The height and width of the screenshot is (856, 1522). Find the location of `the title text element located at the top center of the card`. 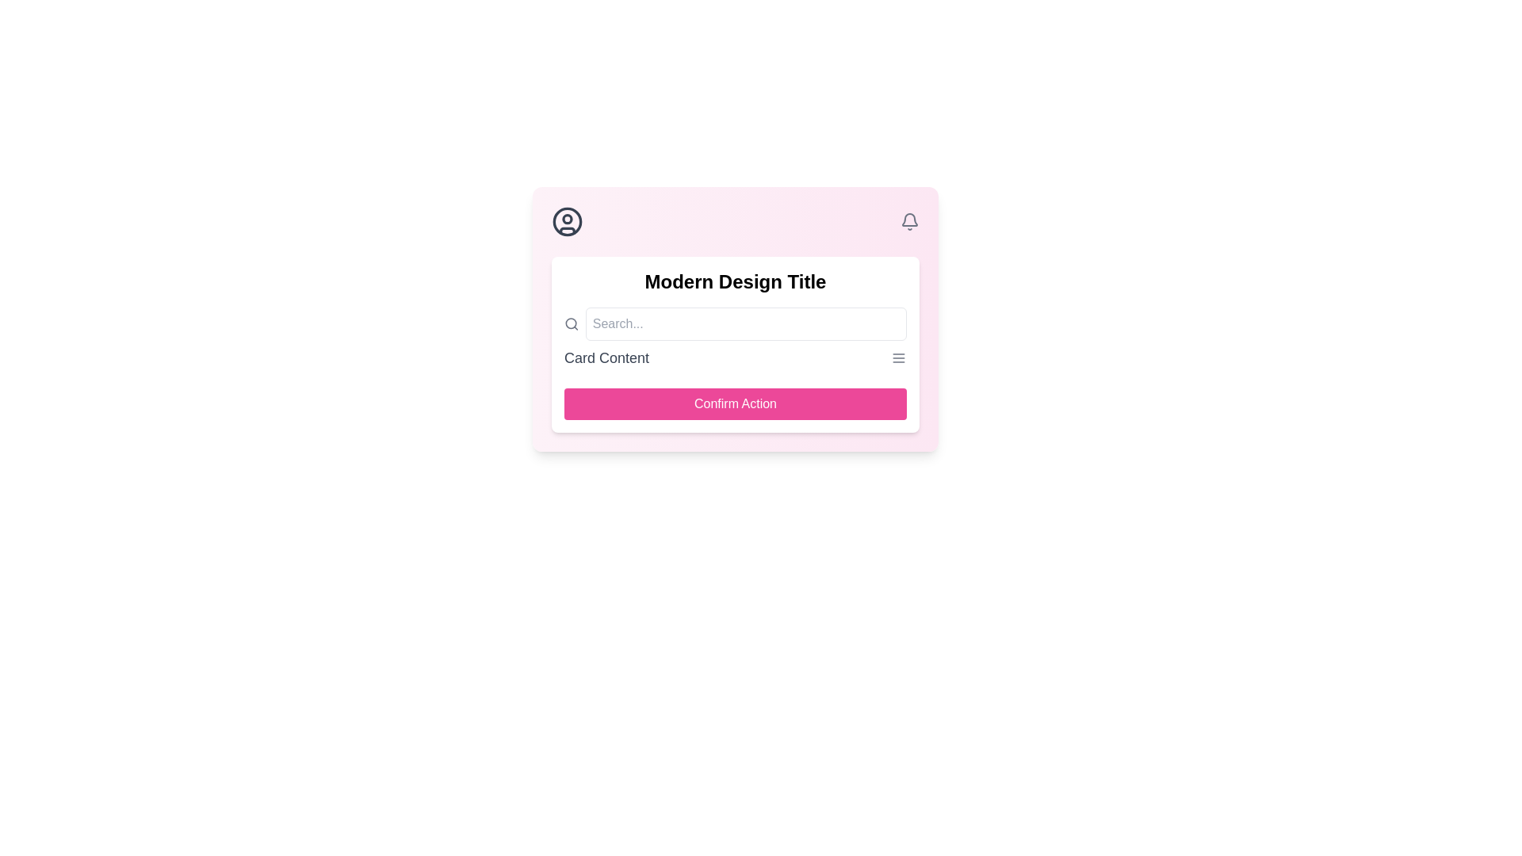

the title text element located at the top center of the card is located at coordinates (734, 281).